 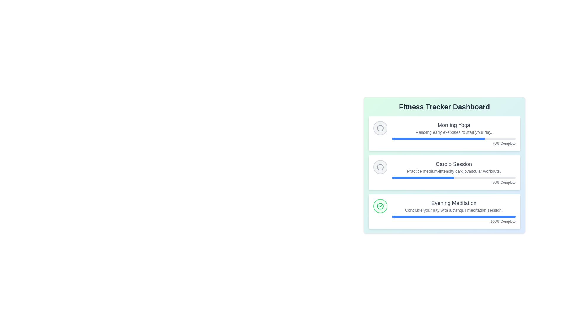 What do you see at coordinates (453, 125) in the screenshot?
I see `text content of the bold label displaying 'Morning Yoga' located at the top of the first item in a vertically listed group of activities` at bounding box center [453, 125].